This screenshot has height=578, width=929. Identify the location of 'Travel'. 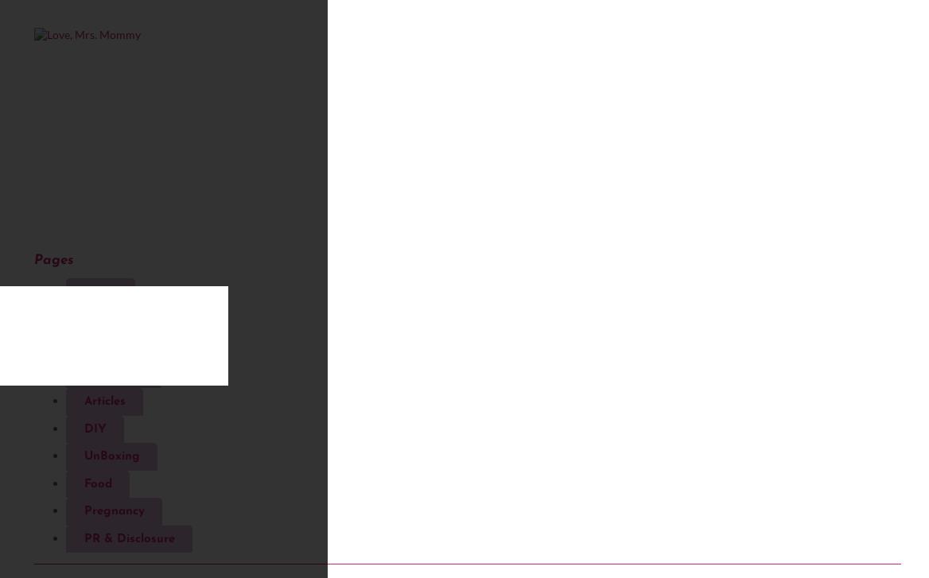
(99, 346).